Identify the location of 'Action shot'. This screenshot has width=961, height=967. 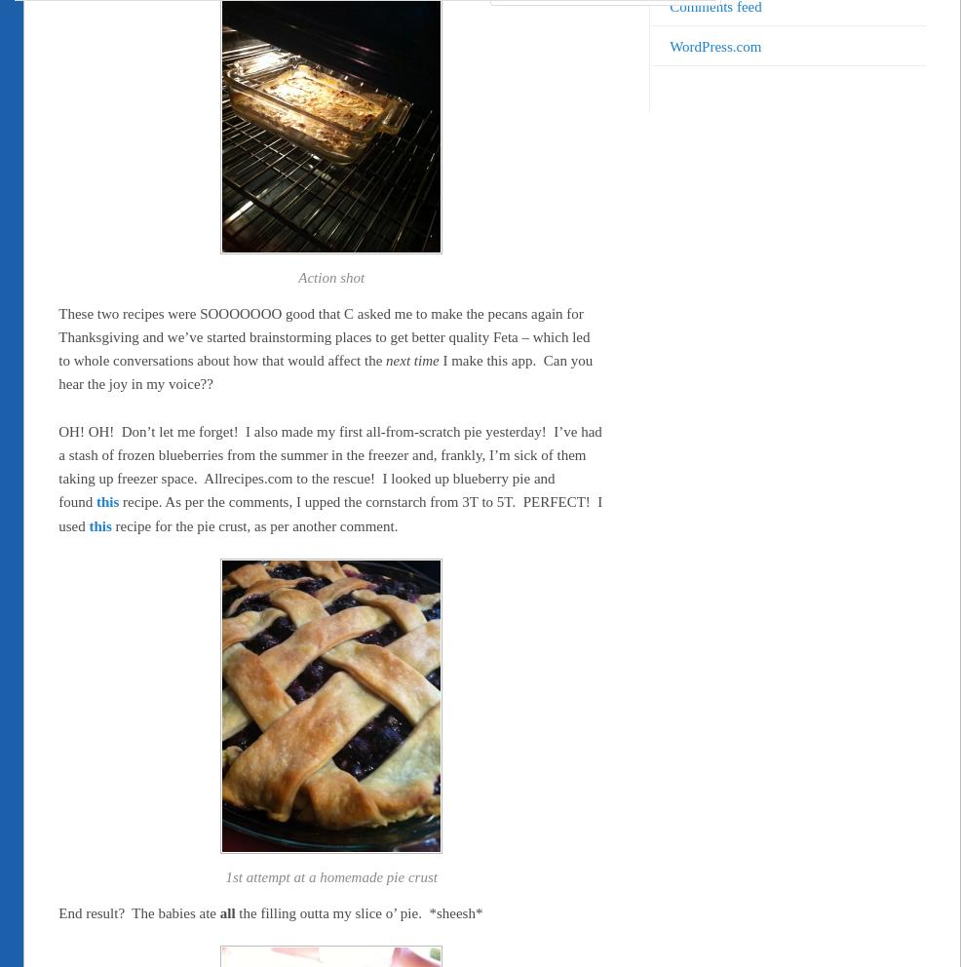
(297, 277).